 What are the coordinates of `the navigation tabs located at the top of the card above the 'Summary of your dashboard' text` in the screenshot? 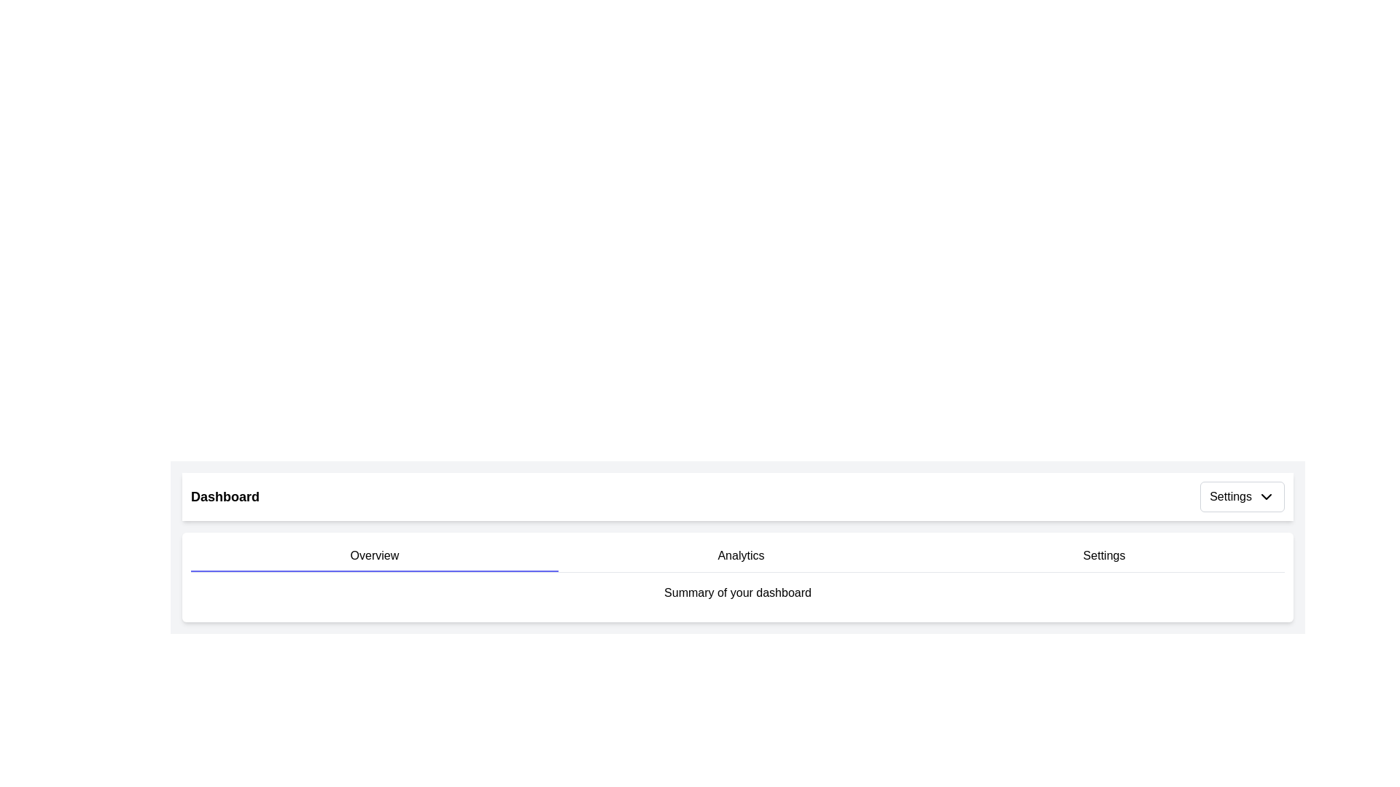 It's located at (738, 556).